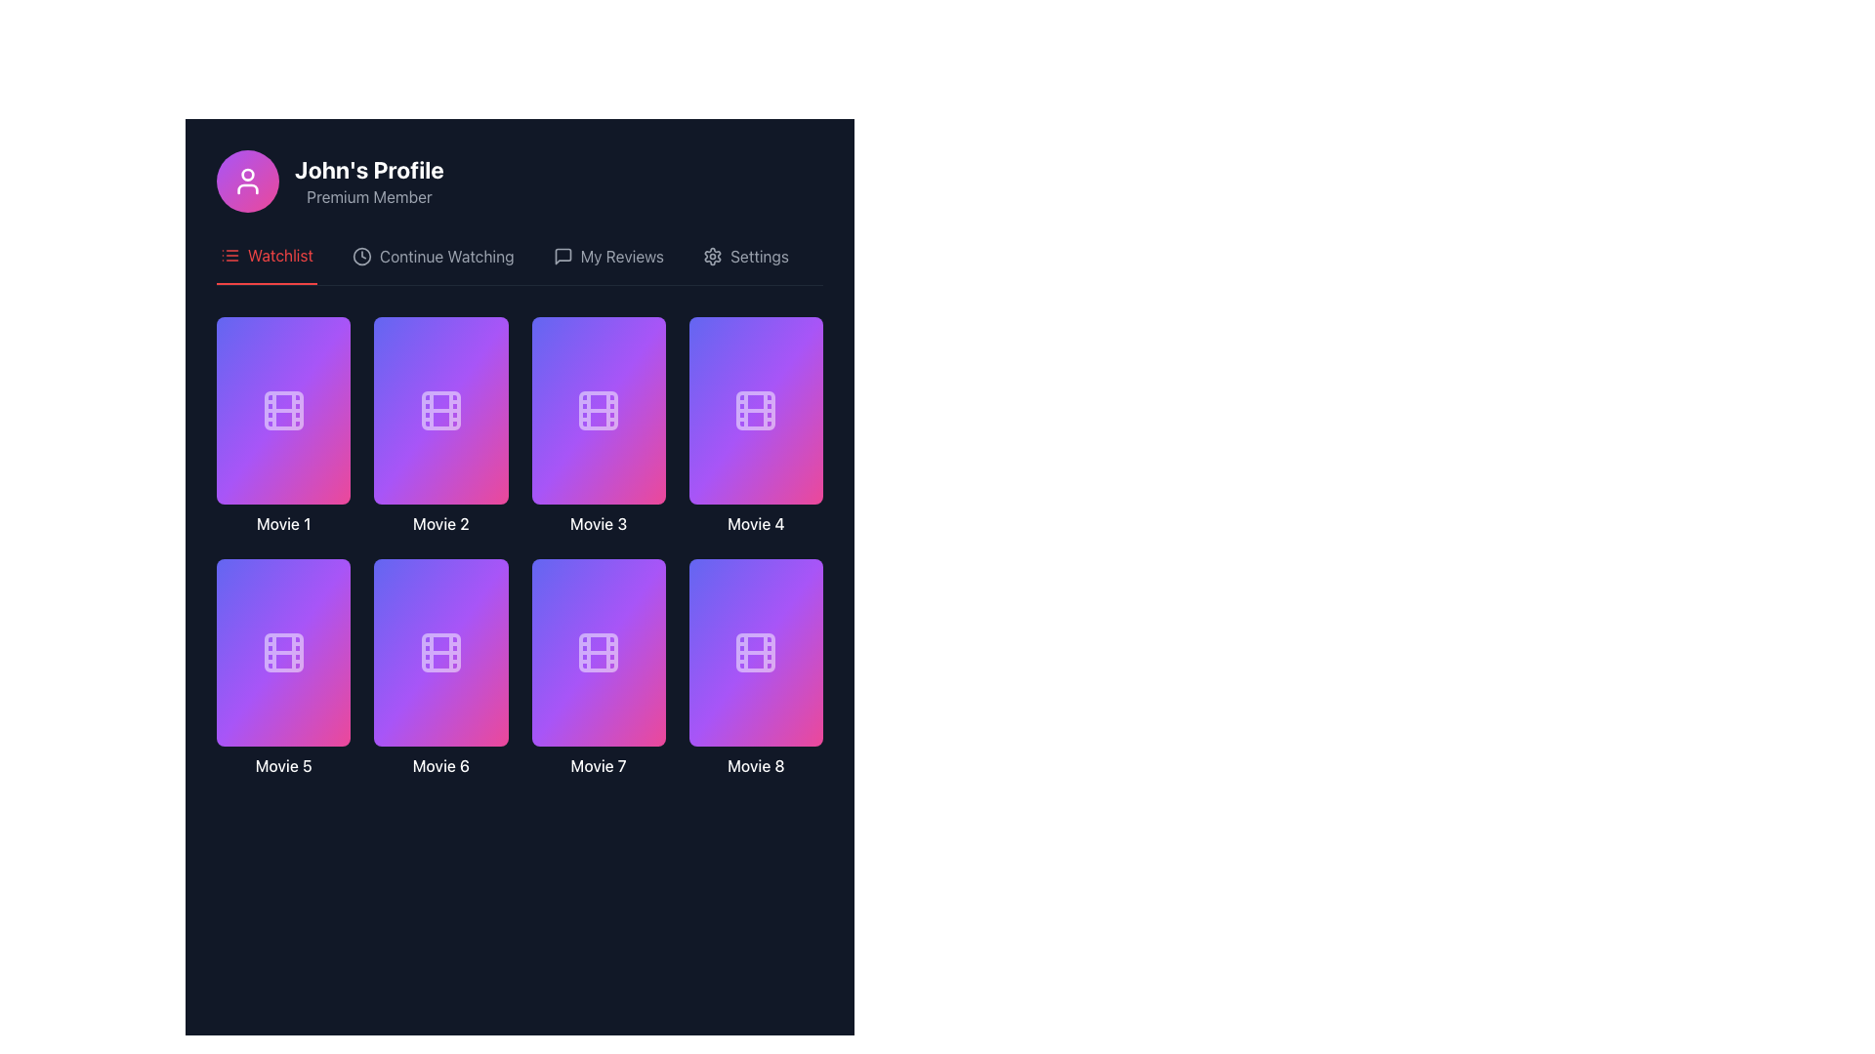  Describe the element at coordinates (755, 668) in the screenshot. I see `the 'Movie 8' card located in the bottom-right corner of the grid layout` at that location.